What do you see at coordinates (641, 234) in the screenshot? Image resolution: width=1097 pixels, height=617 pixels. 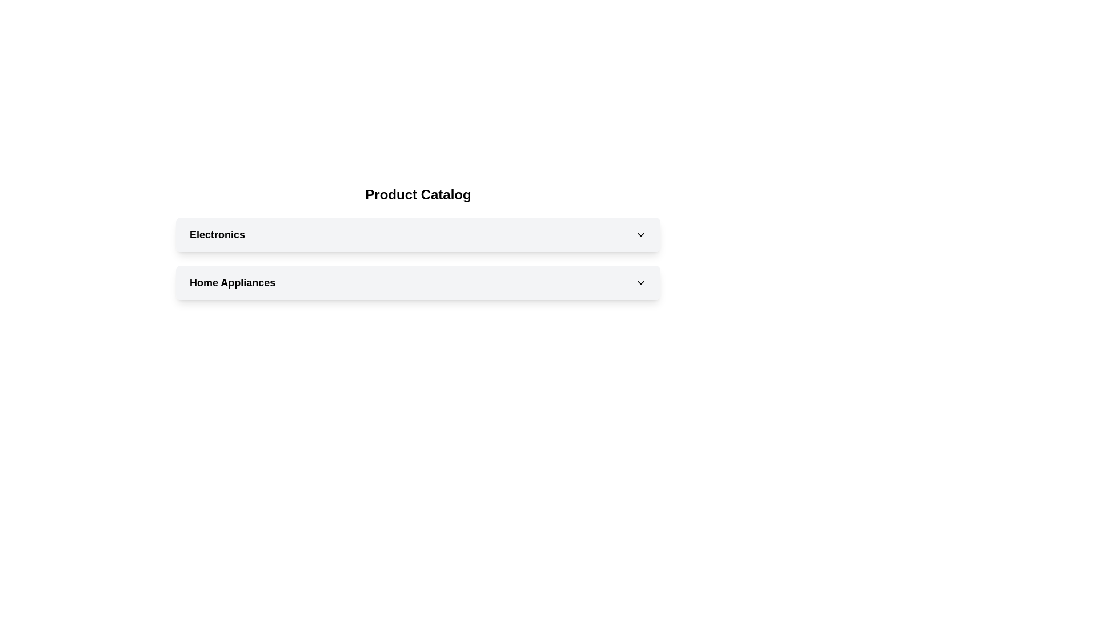 I see `the downward-pointing chevron icon for the dropdown indicator located in the 'Electronics' section` at bounding box center [641, 234].